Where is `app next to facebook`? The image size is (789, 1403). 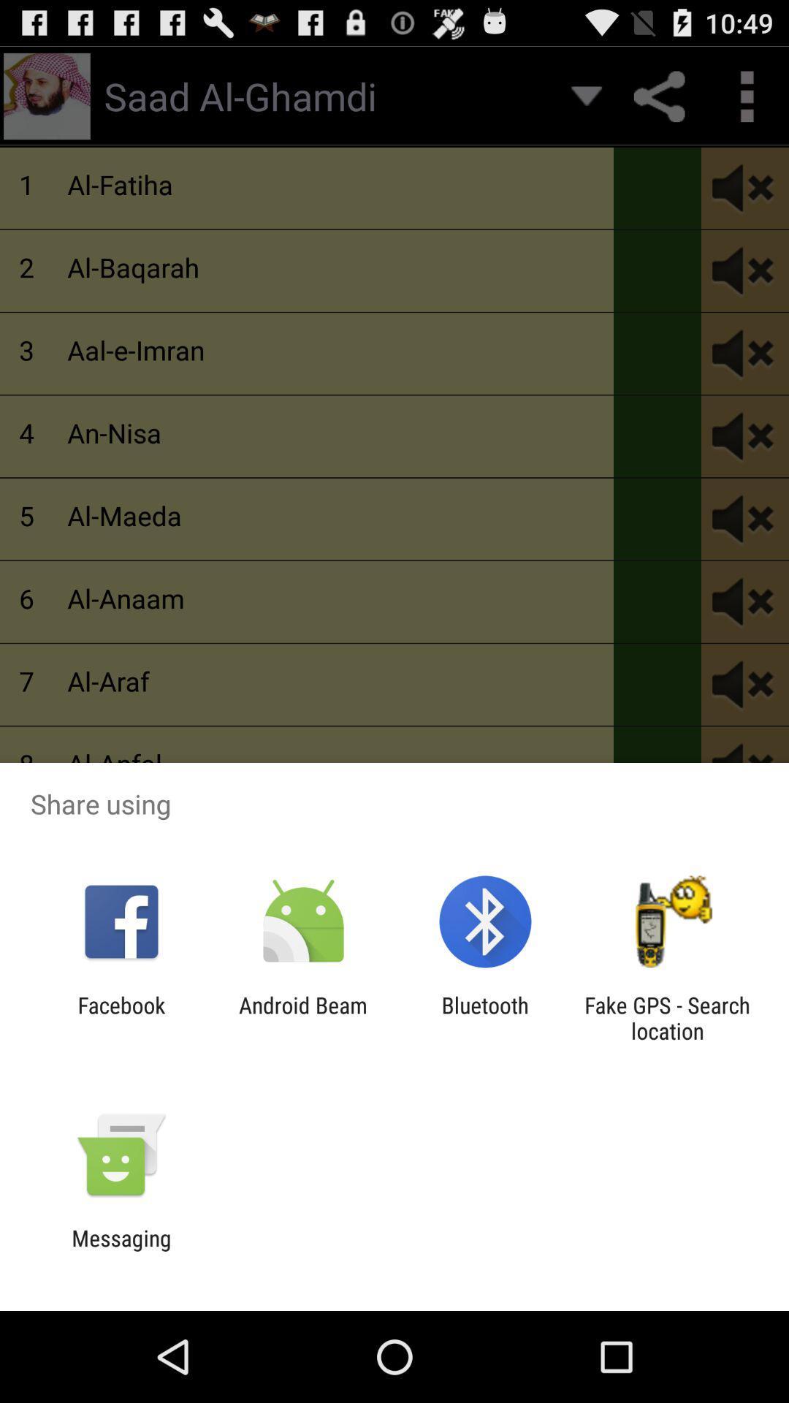
app next to facebook is located at coordinates (302, 1017).